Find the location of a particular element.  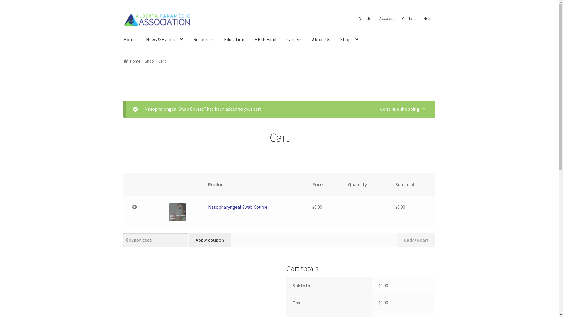

'Home' is located at coordinates (129, 40).